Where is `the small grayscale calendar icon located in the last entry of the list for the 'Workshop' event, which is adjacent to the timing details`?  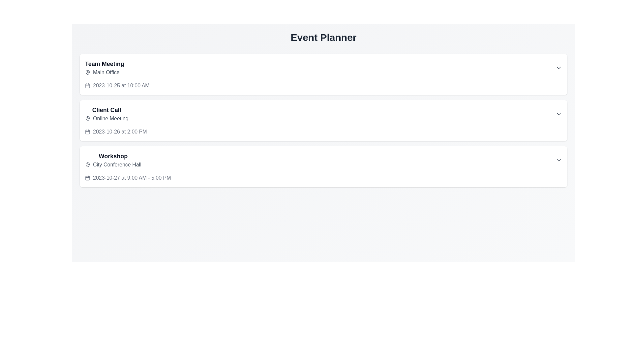 the small grayscale calendar icon located in the last entry of the list for the 'Workshop' event, which is adjacent to the timing details is located at coordinates (87, 178).